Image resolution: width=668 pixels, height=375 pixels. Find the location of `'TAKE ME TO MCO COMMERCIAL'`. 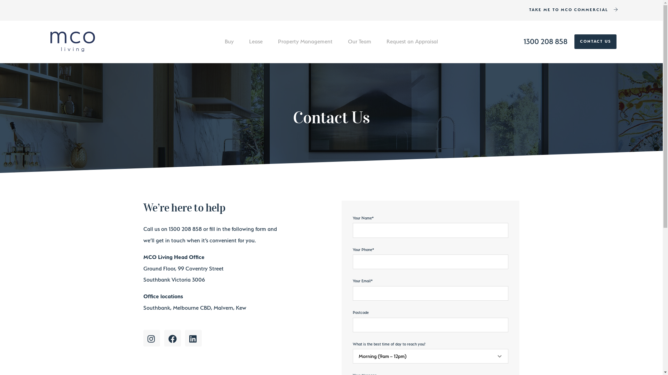

'TAKE ME TO MCO COMMERCIAL' is located at coordinates (574, 10).